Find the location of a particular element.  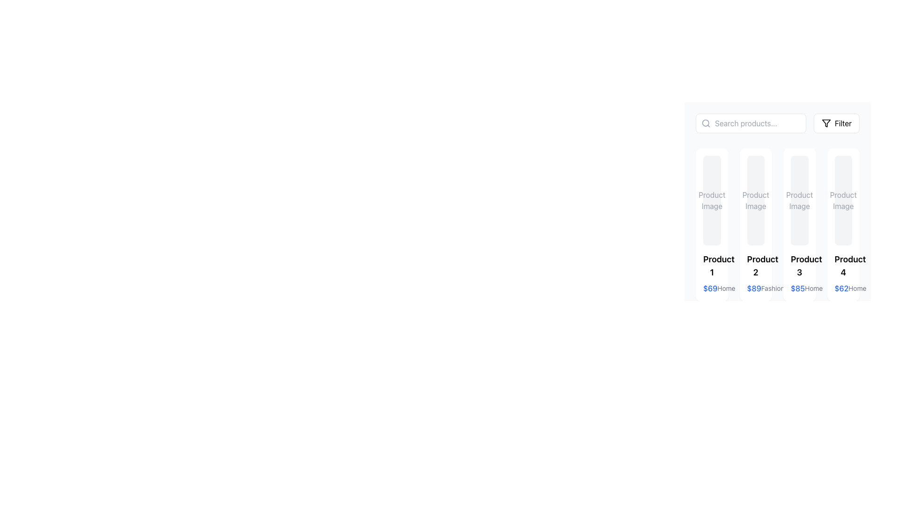

the Text label that describes 'Product 2', located centrally below the product image and above the price and category details is located at coordinates (756, 266).